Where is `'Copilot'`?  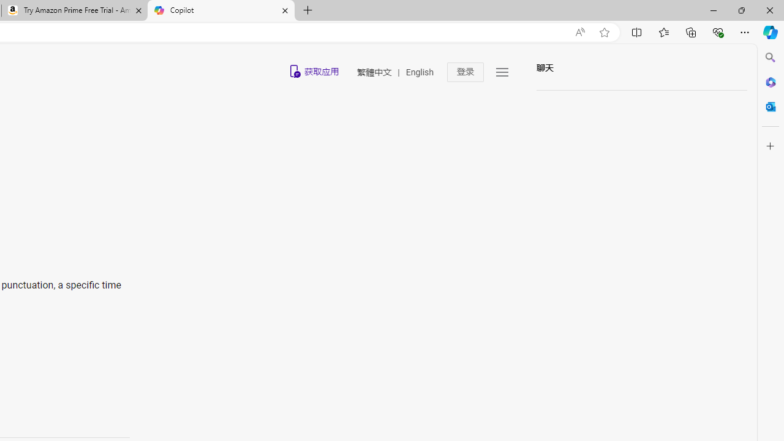 'Copilot' is located at coordinates (221, 10).